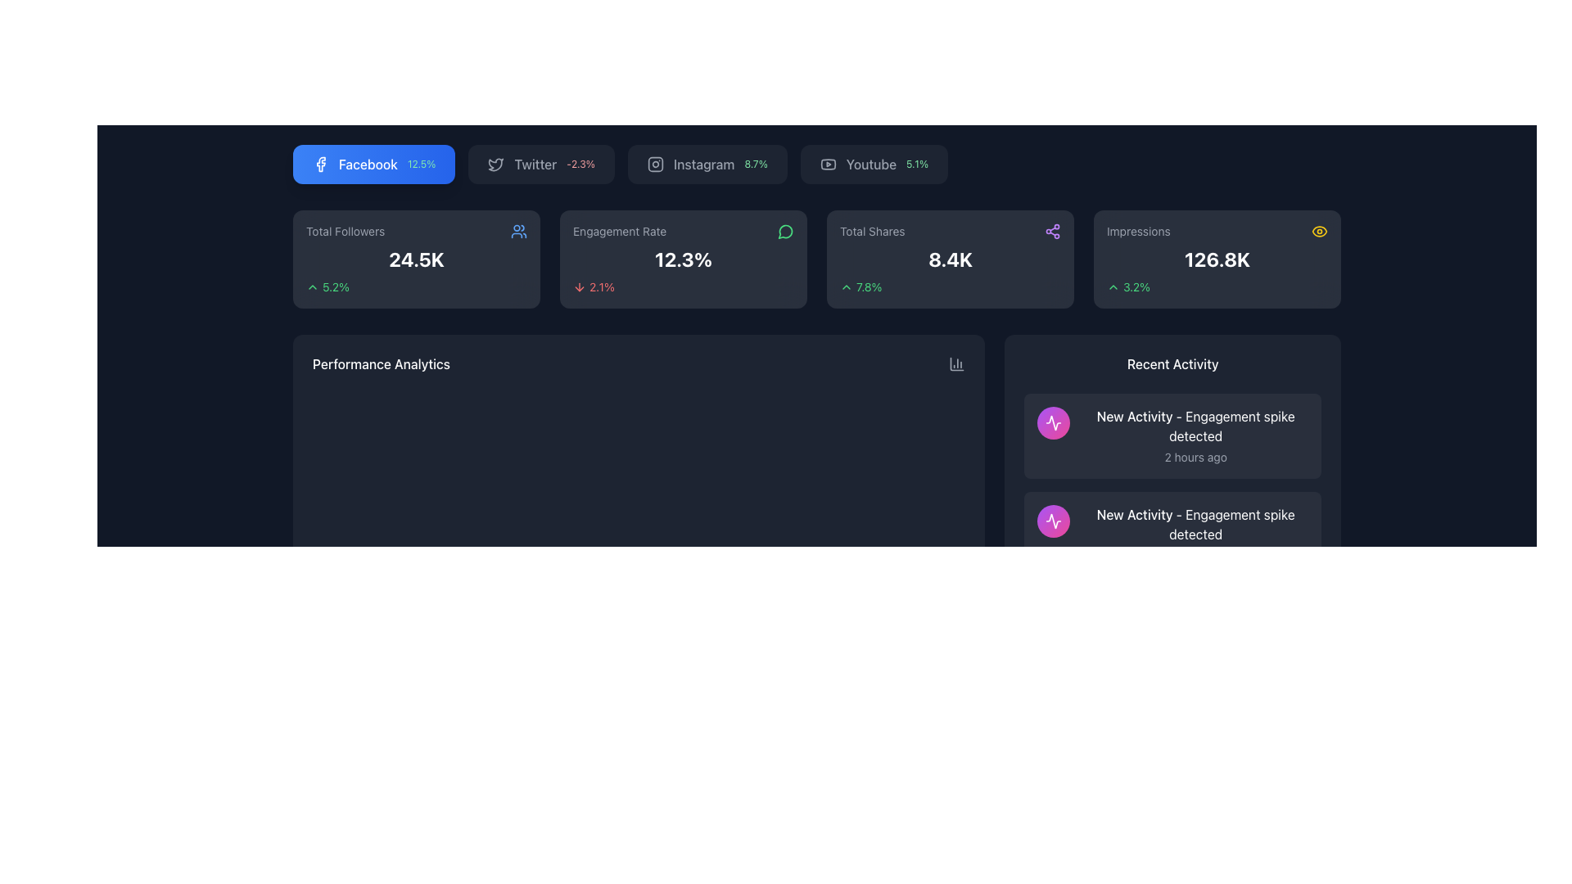 This screenshot has width=1572, height=884. Describe the element at coordinates (580, 164) in the screenshot. I see `text content of the percentage change label for the 'Twitter' data set, which is positioned to the right of the Twitter icon and immediately follows the 'Twitter' text element in a horizontally aligned row` at that location.